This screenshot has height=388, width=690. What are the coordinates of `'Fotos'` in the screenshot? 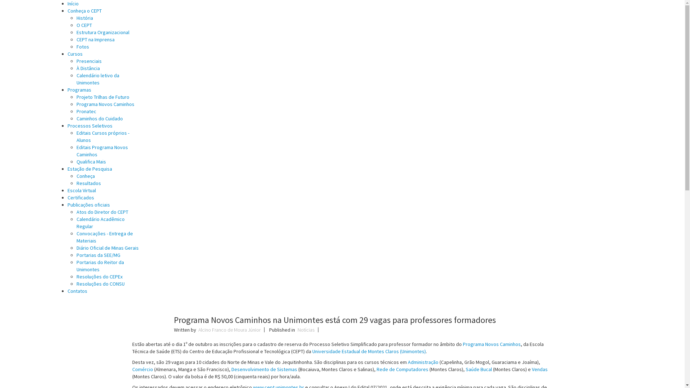 It's located at (83, 47).